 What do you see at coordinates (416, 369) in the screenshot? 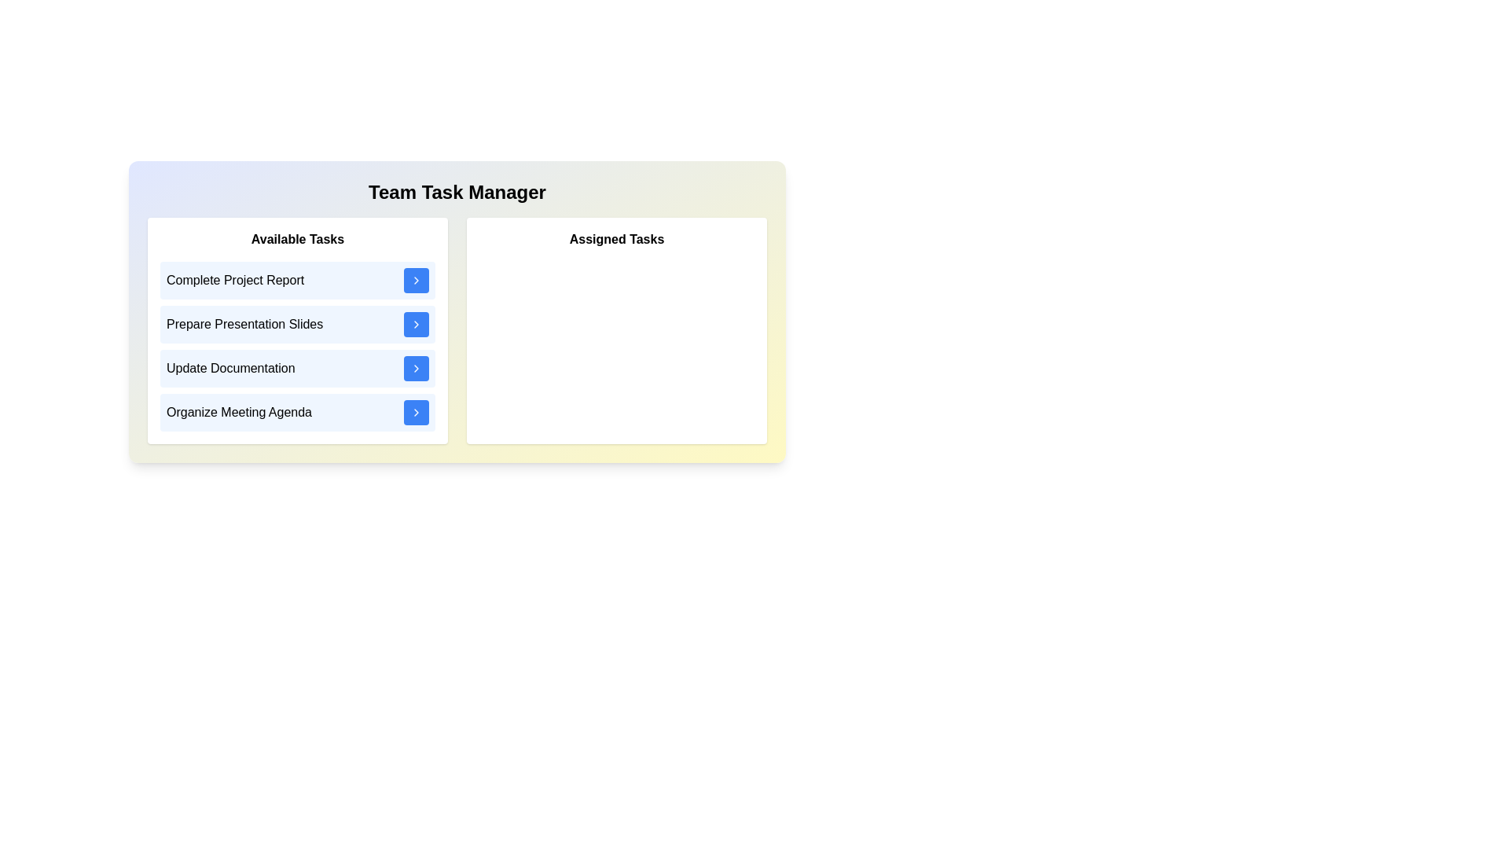
I see `the button corresponding to the task Update Documentation to assign it` at bounding box center [416, 369].